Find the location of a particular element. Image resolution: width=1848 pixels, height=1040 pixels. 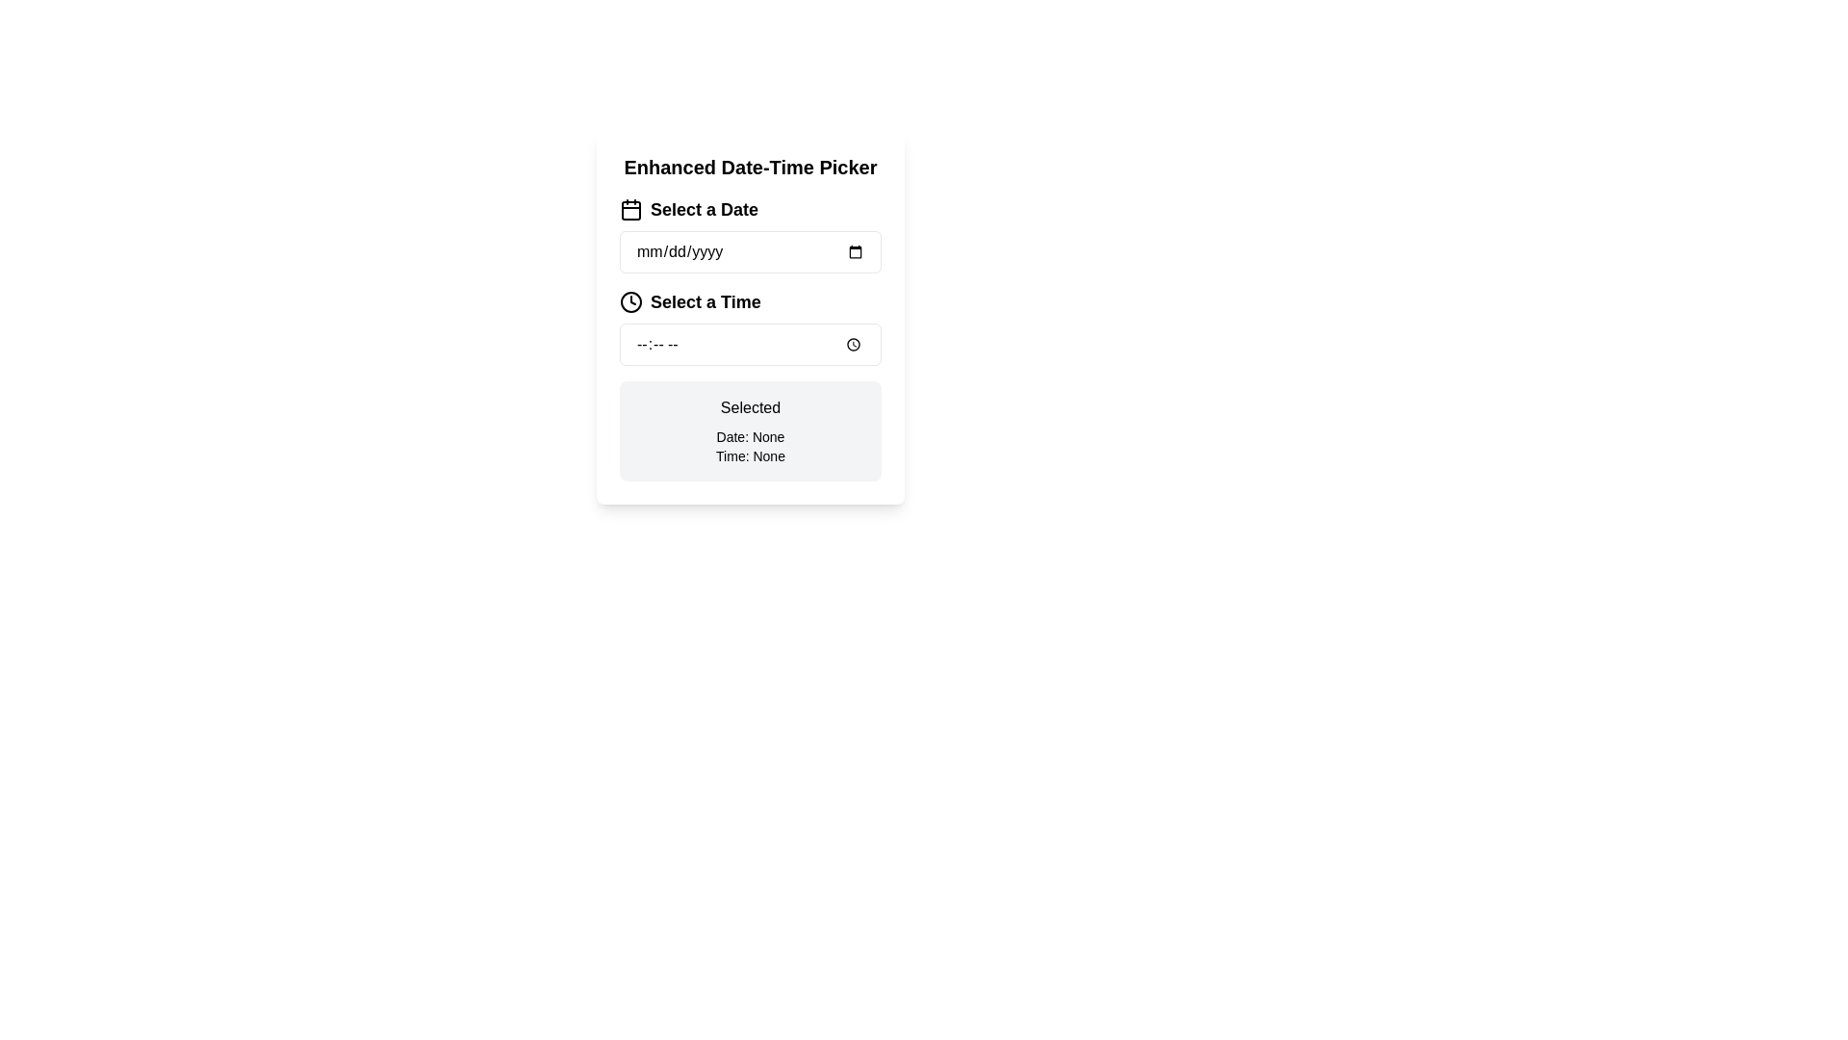

the clock icon, which is a circular element with a clock face and hands, located to the left of the 'Select a Time' text in the second section of the form is located at coordinates (631, 301).